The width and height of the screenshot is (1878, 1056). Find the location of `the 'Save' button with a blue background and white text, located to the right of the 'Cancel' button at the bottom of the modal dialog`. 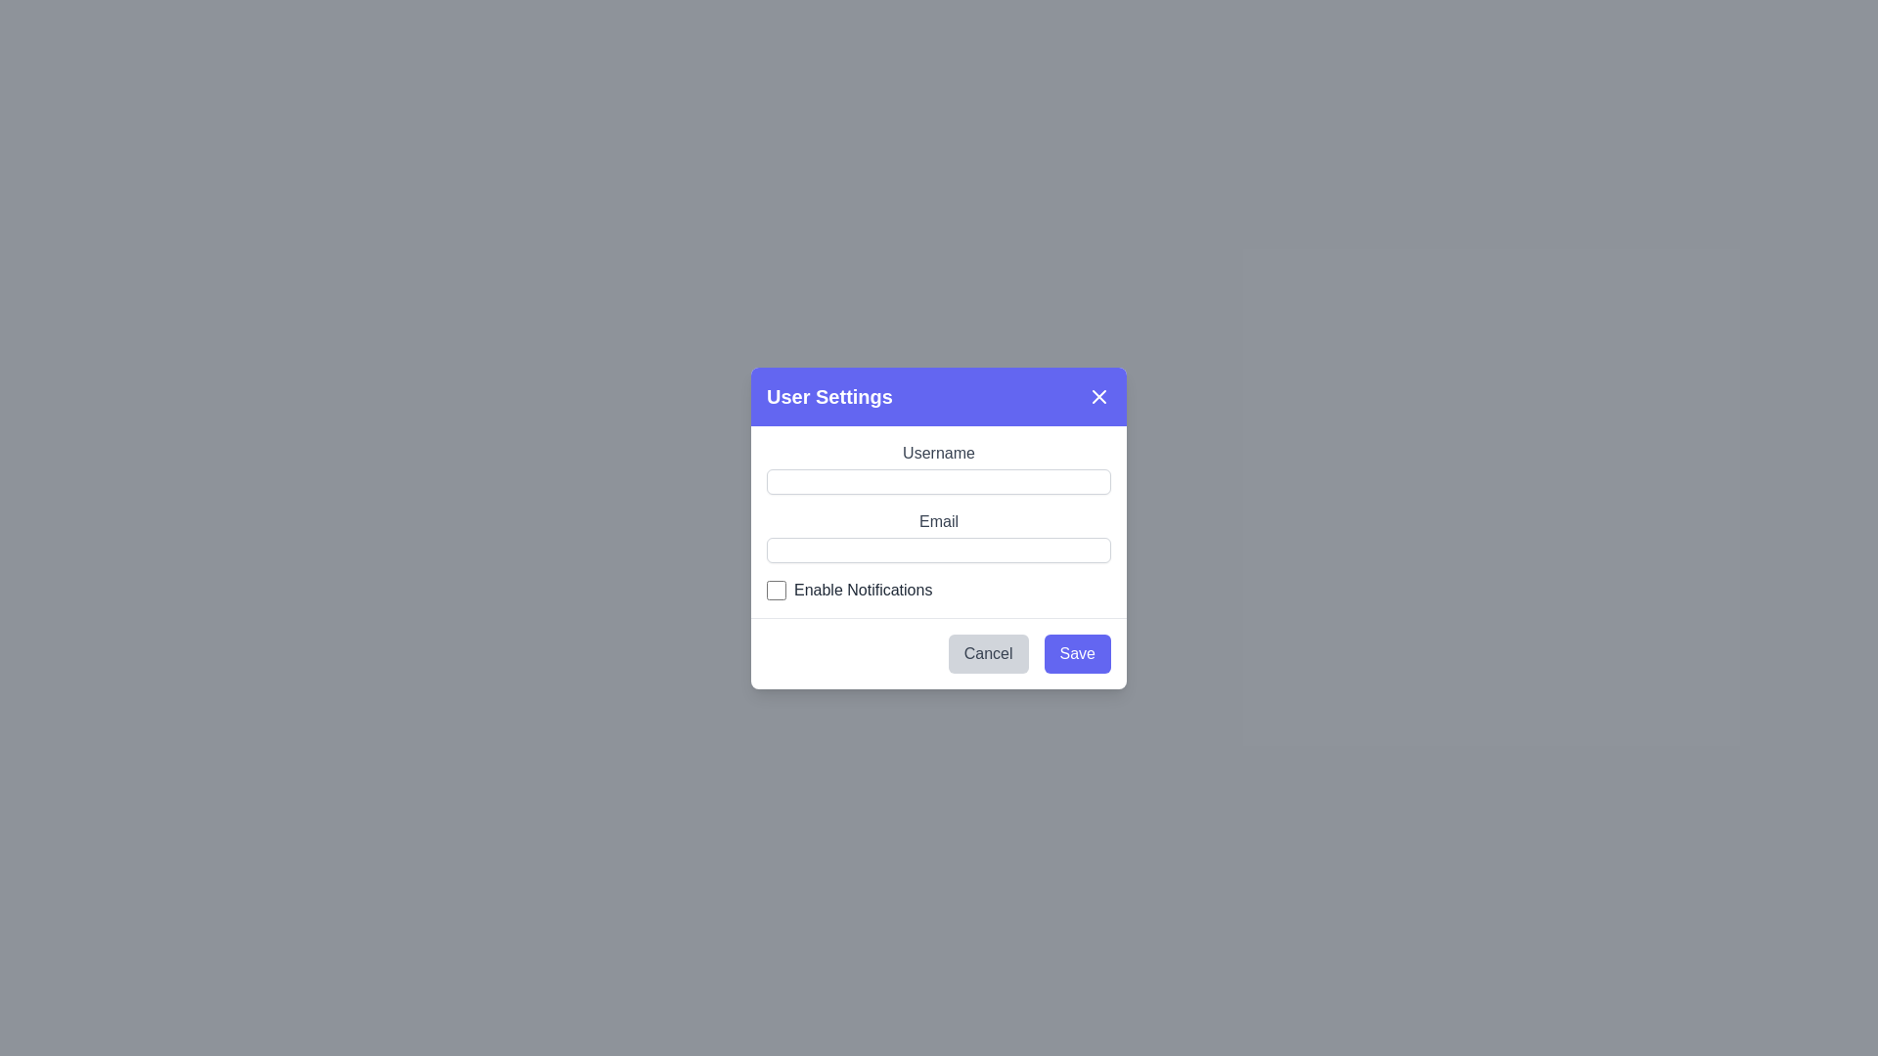

the 'Save' button with a blue background and white text, located to the right of the 'Cancel' button at the bottom of the modal dialog is located at coordinates (1076, 653).